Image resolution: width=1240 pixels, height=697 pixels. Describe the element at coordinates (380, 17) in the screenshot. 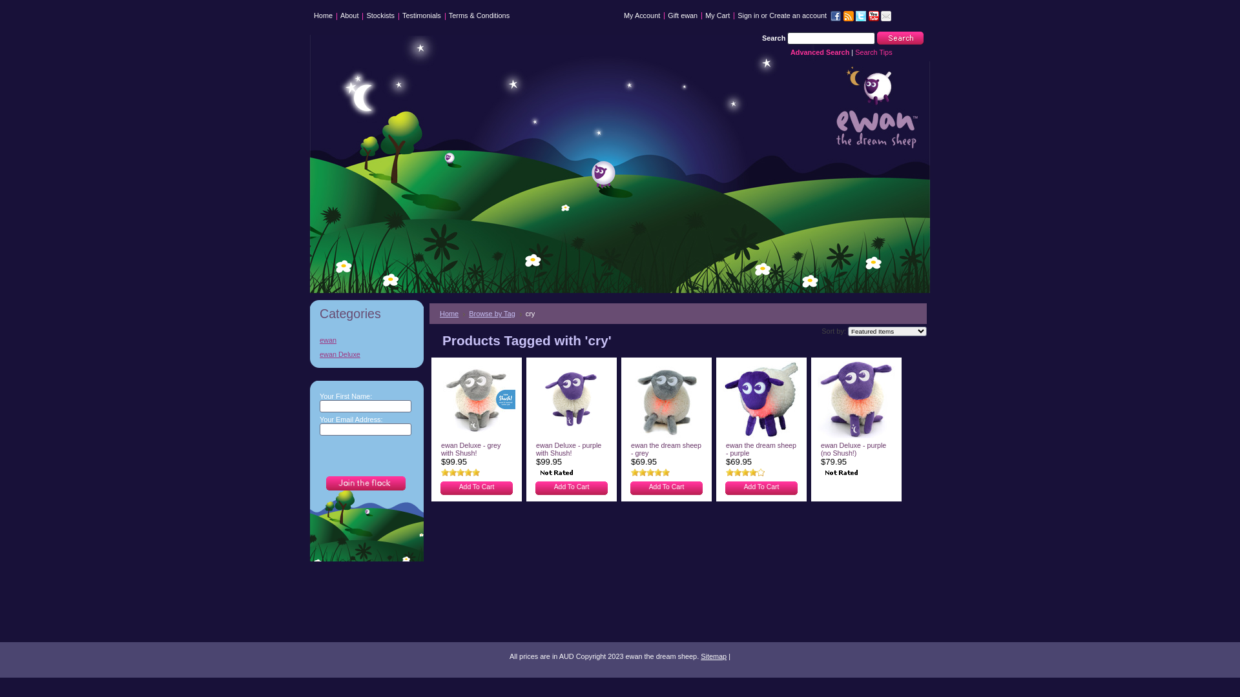

I see `'Stockists'` at that location.